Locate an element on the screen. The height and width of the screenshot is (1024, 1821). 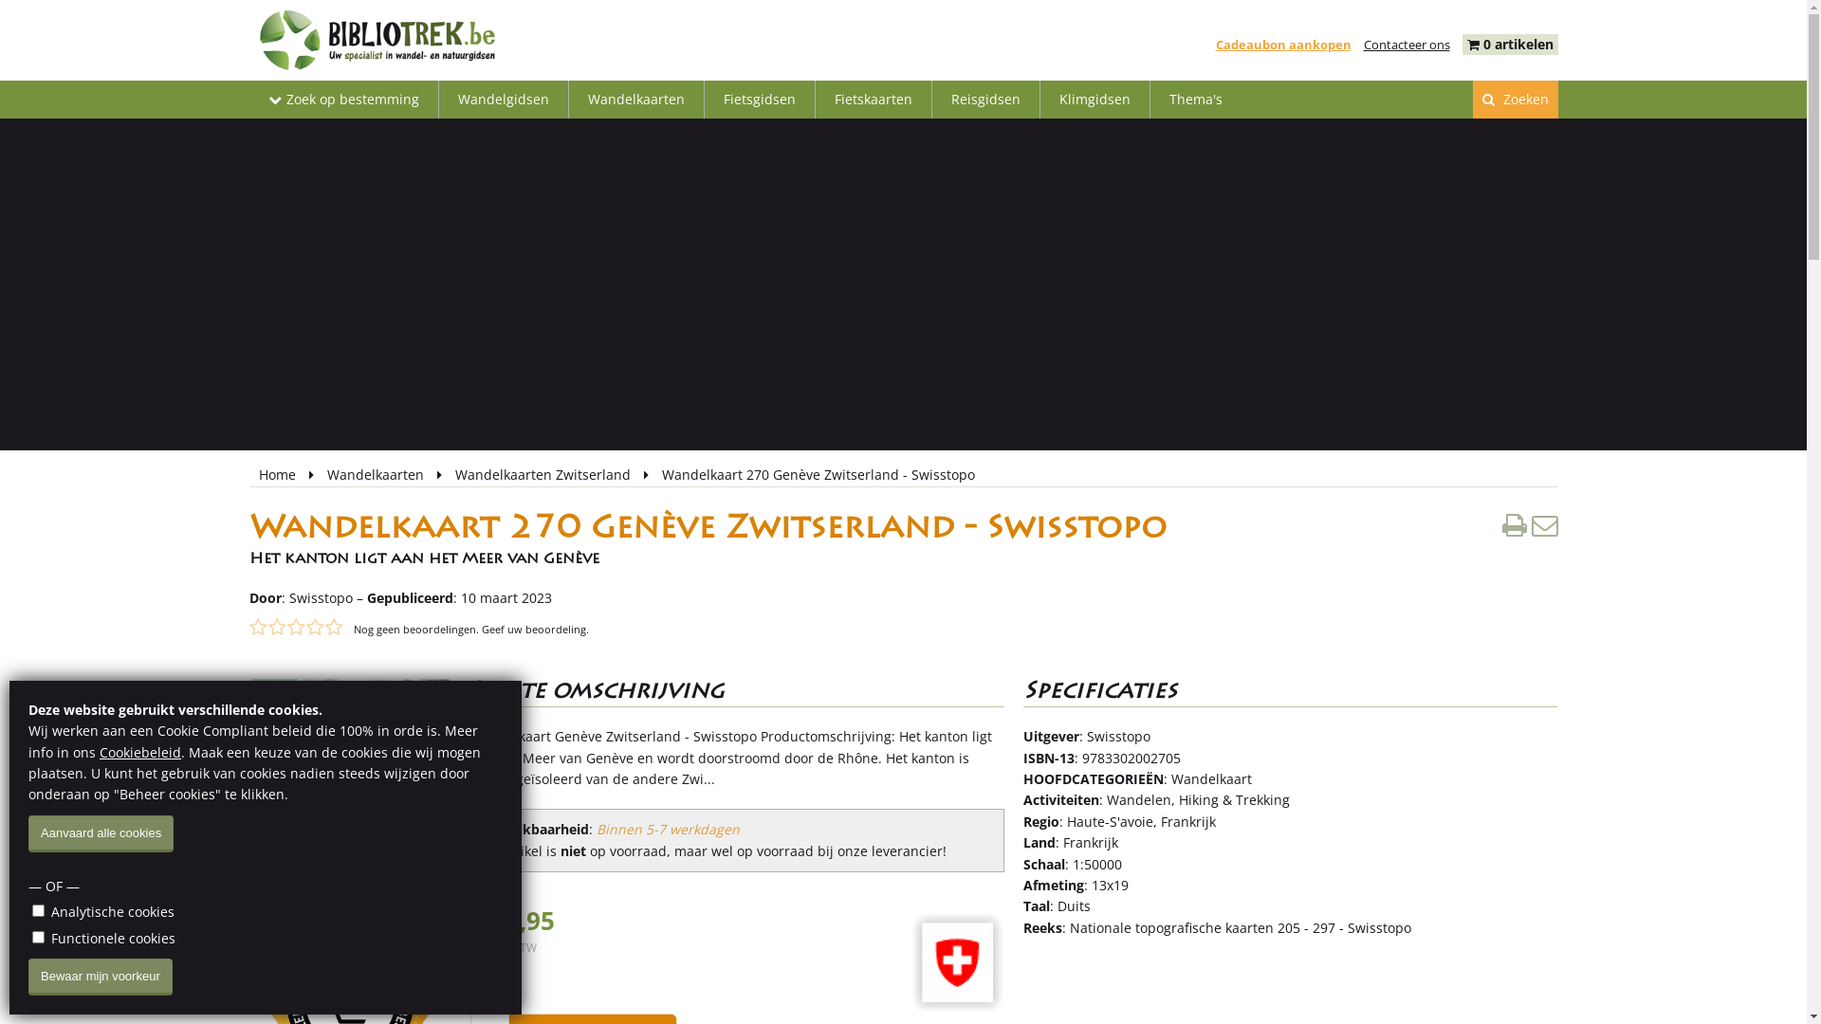
'Wandelgidsen' is located at coordinates (436, 99).